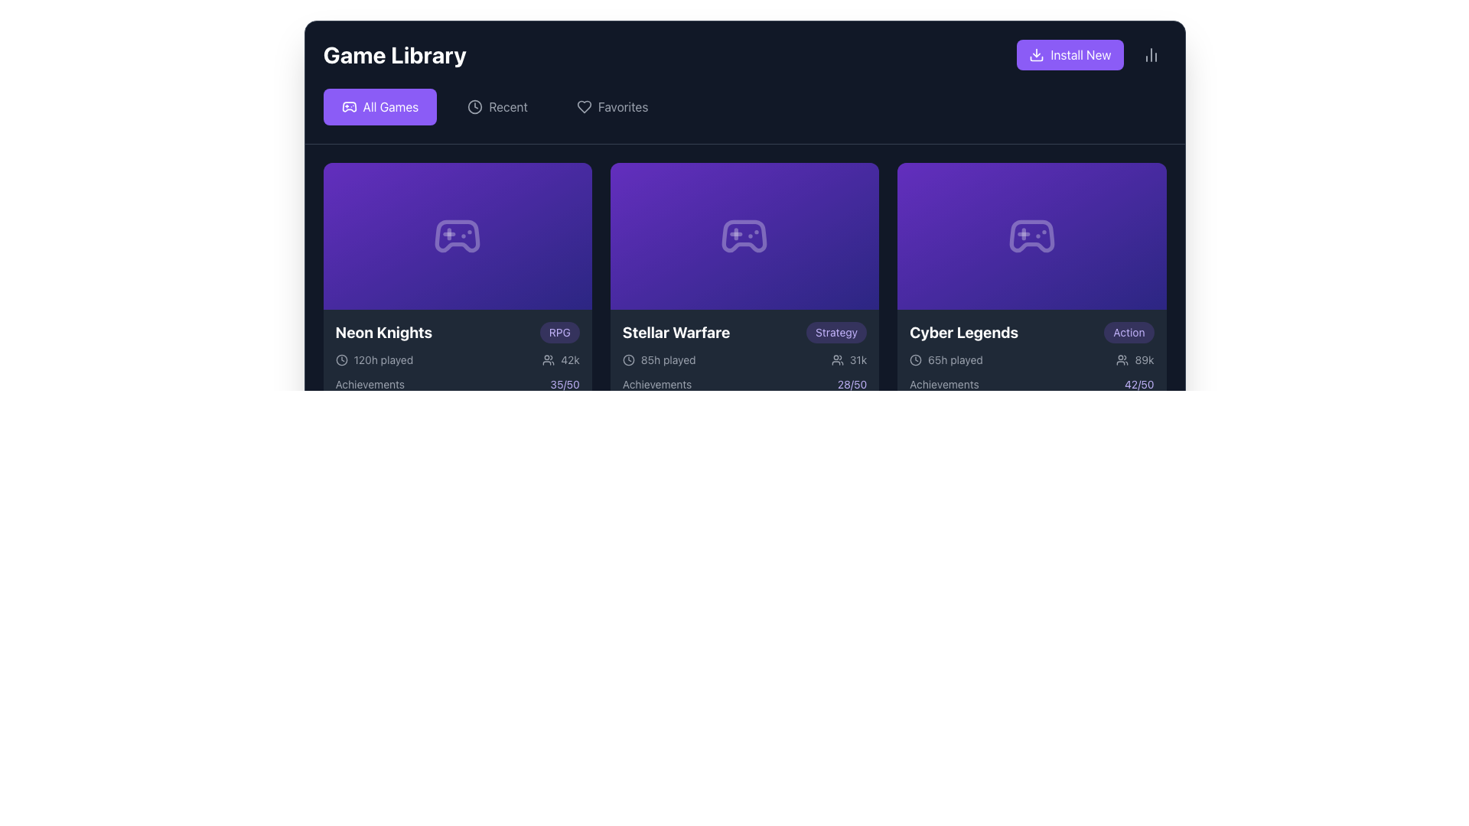 The width and height of the screenshot is (1469, 826). What do you see at coordinates (383, 332) in the screenshot?
I see `the game` at bounding box center [383, 332].